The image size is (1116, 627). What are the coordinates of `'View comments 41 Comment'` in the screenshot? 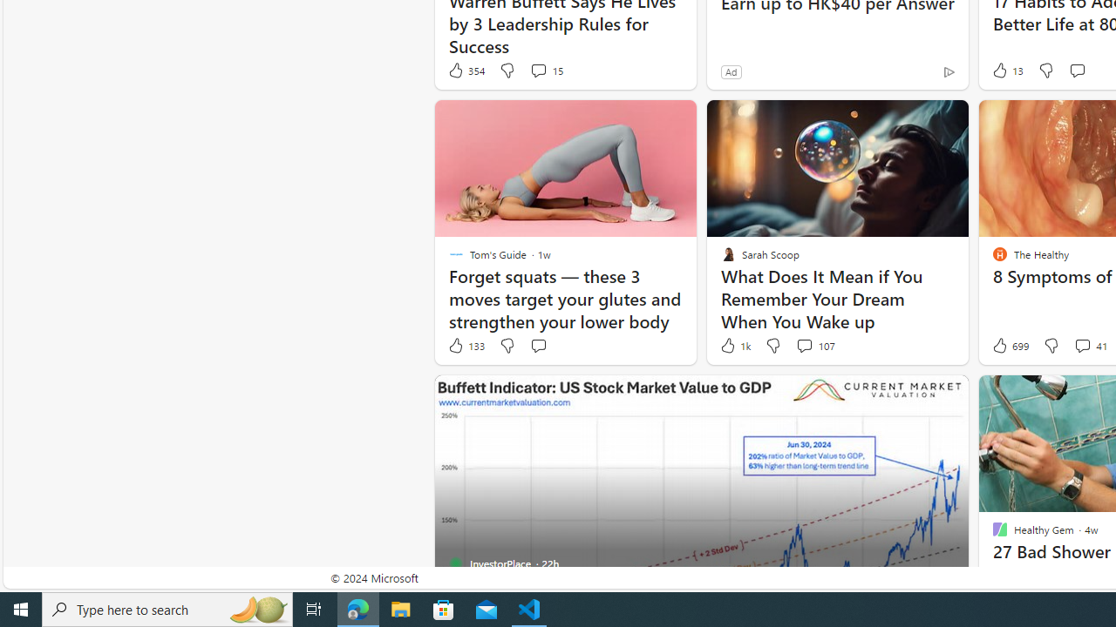 It's located at (1088, 346).